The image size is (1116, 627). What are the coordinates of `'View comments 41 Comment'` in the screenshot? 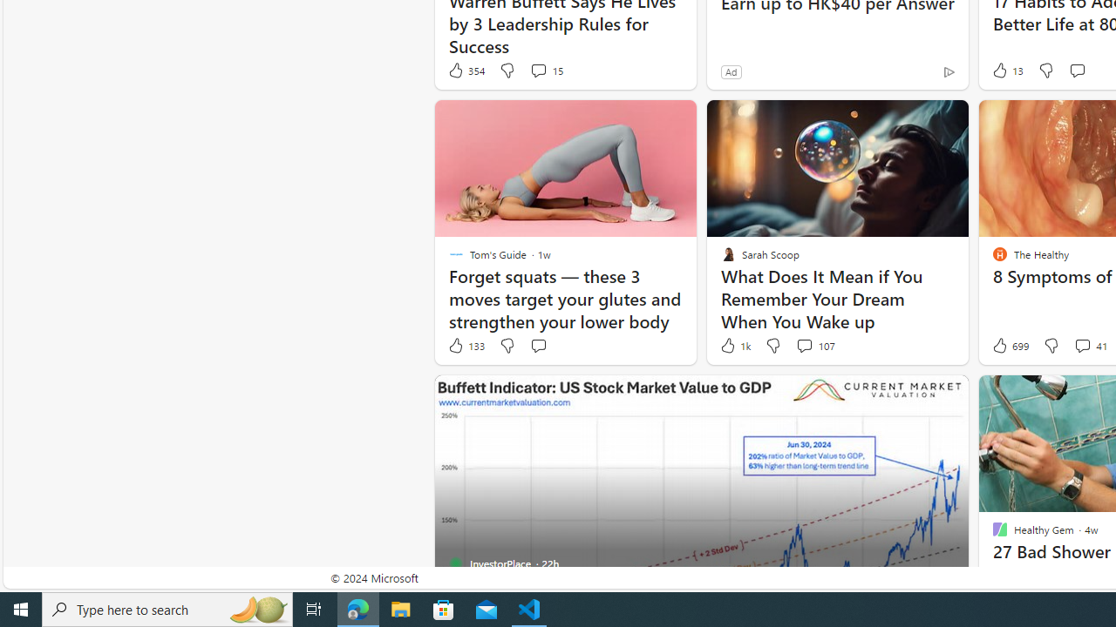 It's located at (1088, 346).